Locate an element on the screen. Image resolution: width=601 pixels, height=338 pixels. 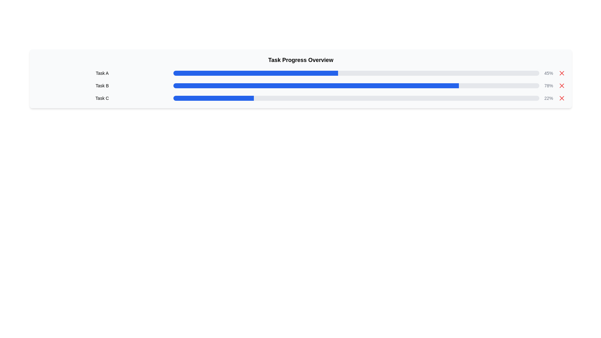
the Progress Indicator located in the middle progress bar of the vertically stacked series under the 'Task Progress Overview' heading is located at coordinates (316, 85).